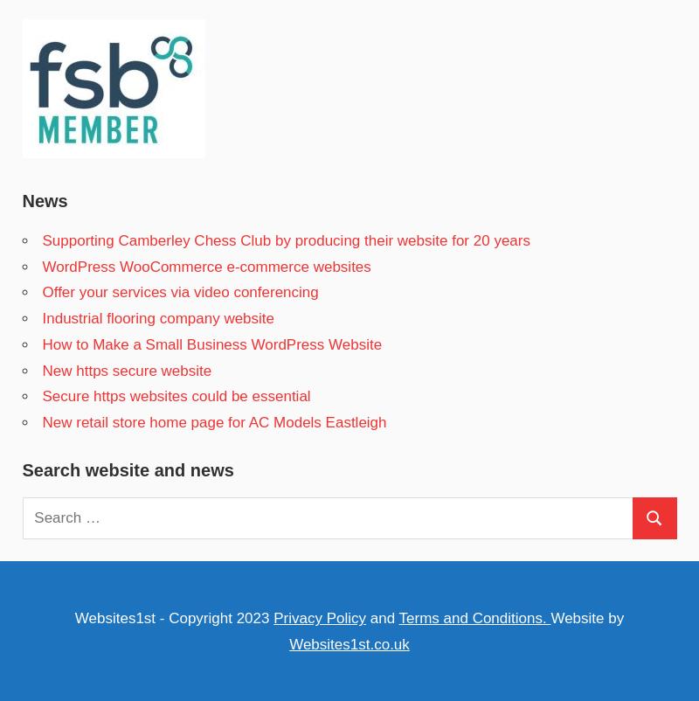  What do you see at coordinates (213, 422) in the screenshot?
I see `'New retail store home page for AC Models Eastleigh'` at bounding box center [213, 422].